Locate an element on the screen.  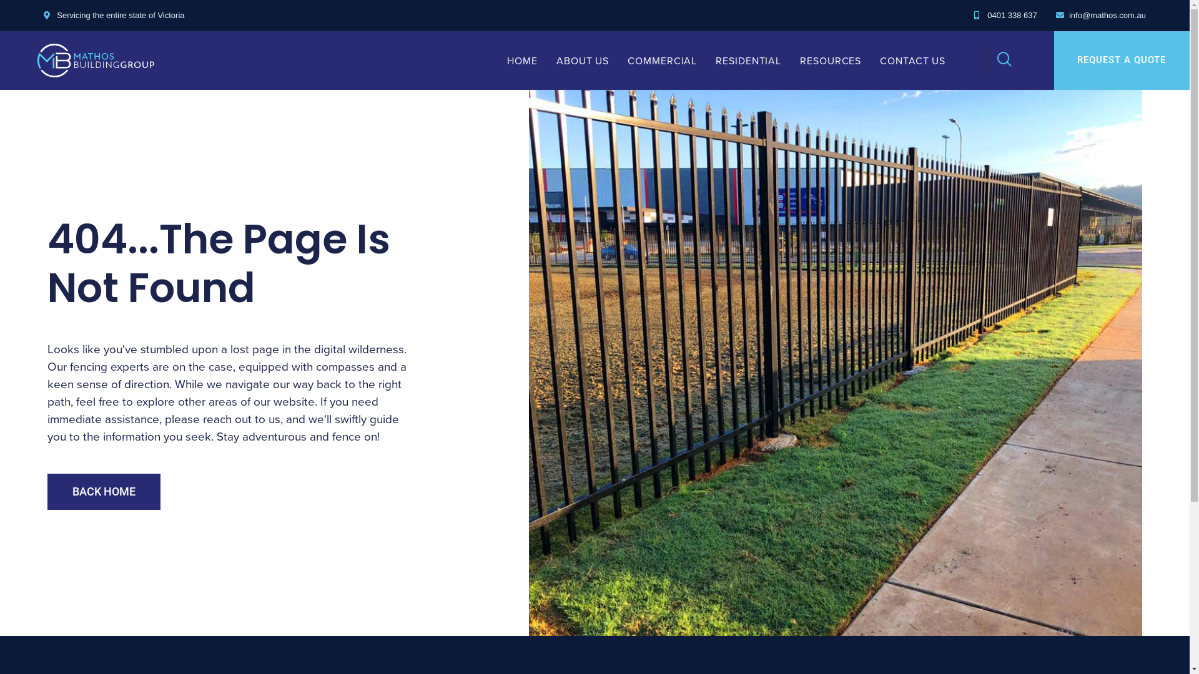
'info@mathos.com.au' is located at coordinates (1100, 15).